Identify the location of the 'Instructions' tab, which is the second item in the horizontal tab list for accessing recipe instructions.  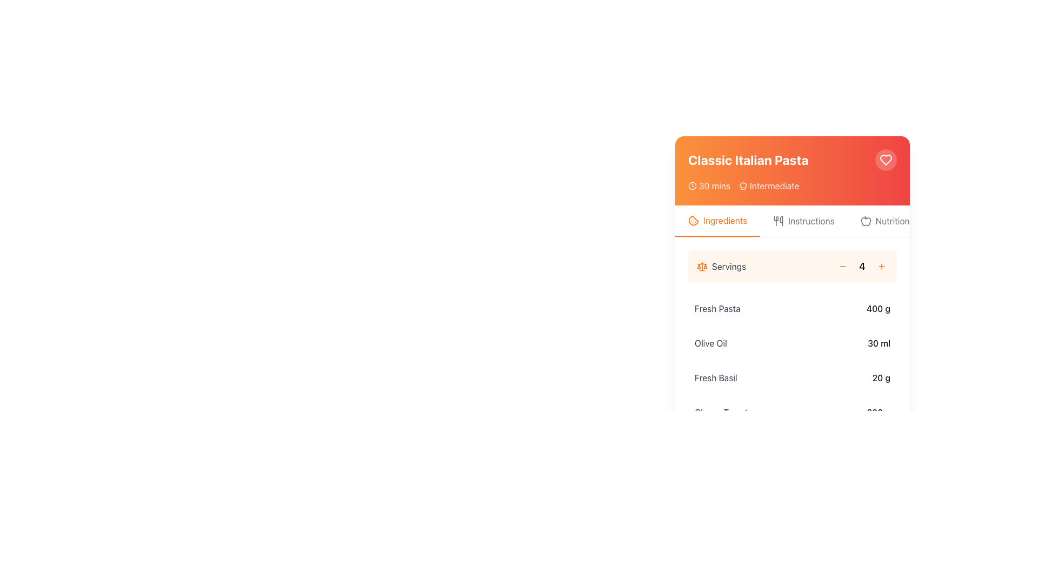
(804, 220).